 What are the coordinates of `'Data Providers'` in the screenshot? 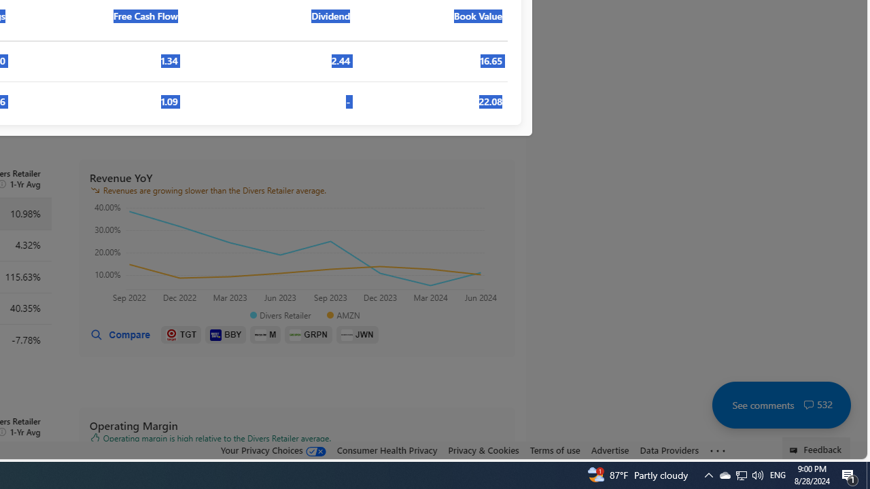 It's located at (669, 450).